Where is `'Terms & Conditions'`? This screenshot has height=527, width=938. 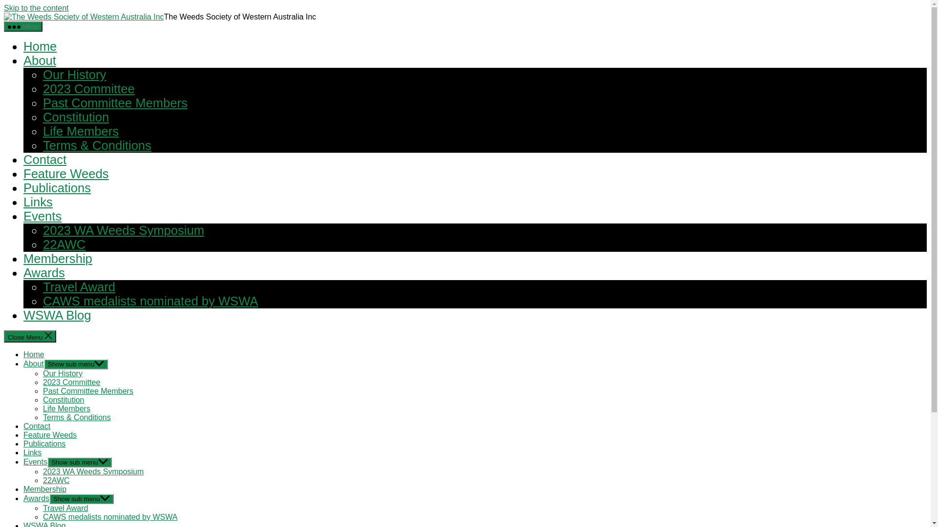
'Terms & Conditions' is located at coordinates (97, 145).